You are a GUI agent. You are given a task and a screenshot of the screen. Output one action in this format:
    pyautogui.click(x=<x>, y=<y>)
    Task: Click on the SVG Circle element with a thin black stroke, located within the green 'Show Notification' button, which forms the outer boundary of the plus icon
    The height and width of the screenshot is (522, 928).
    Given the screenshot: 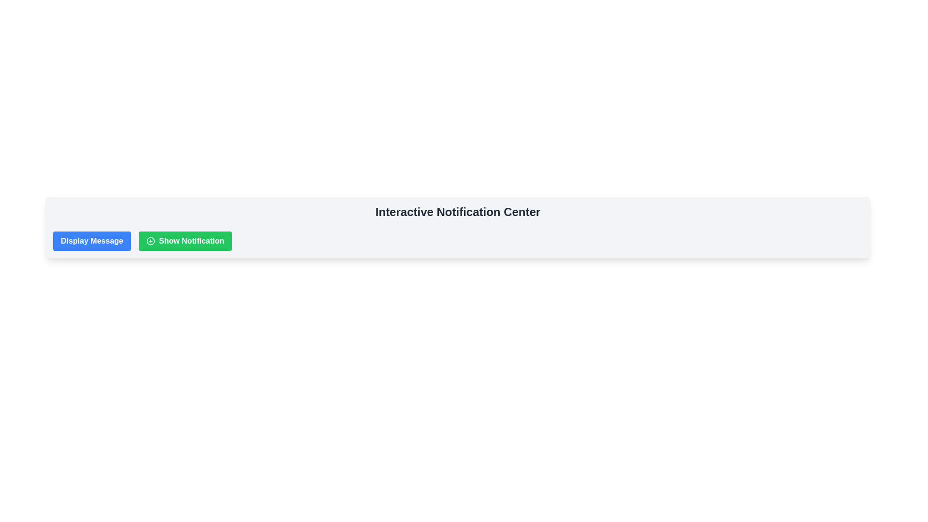 What is the action you would take?
    pyautogui.click(x=150, y=240)
    